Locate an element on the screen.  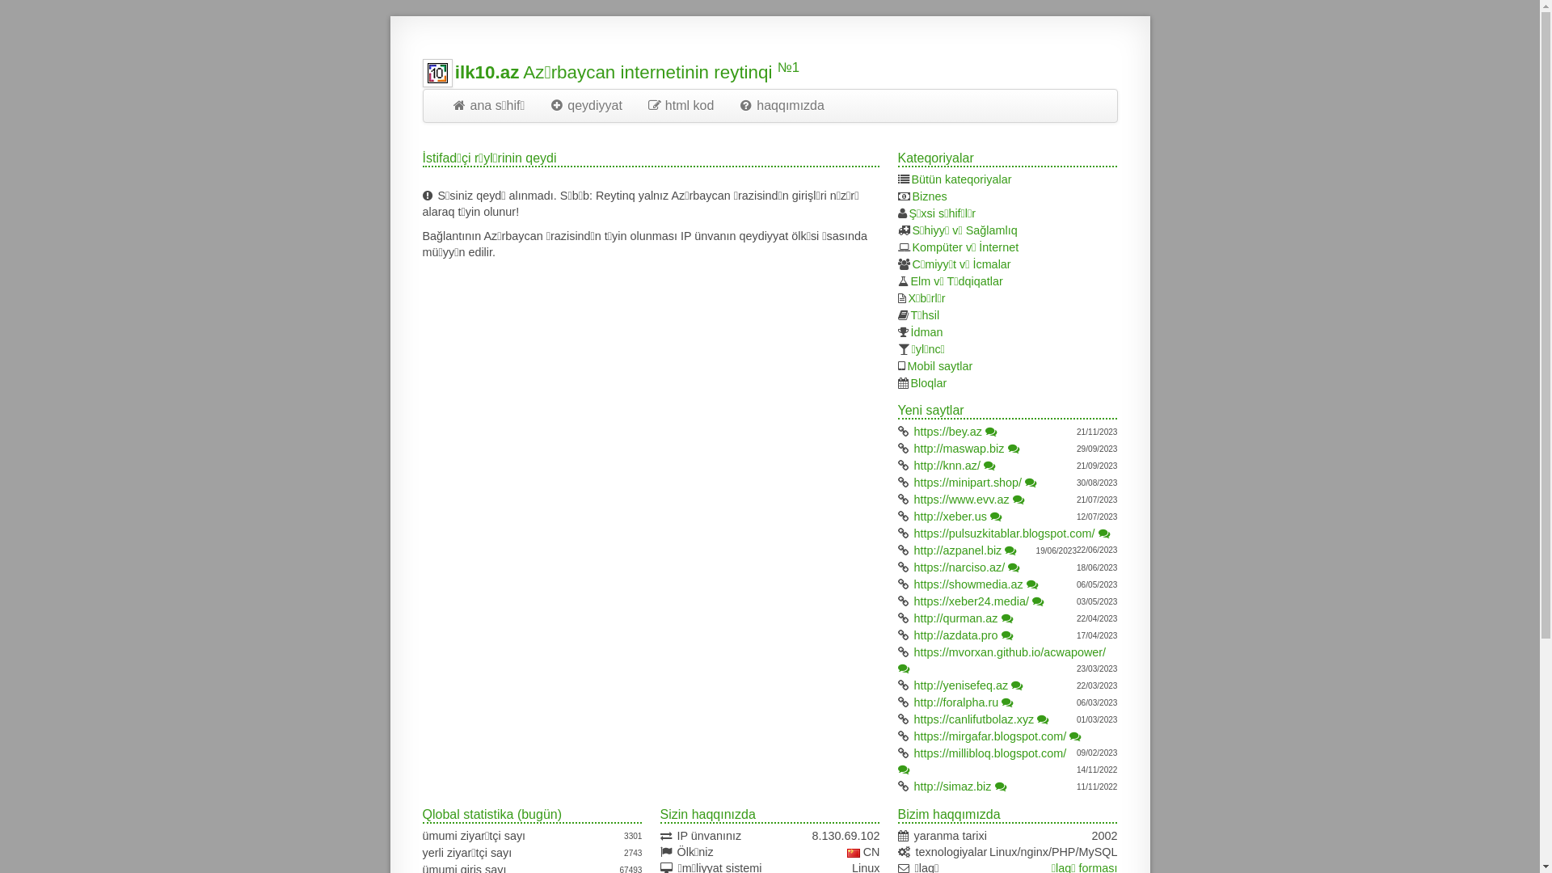
'https://canlifutbolaz.xyz' is located at coordinates (914, 719).